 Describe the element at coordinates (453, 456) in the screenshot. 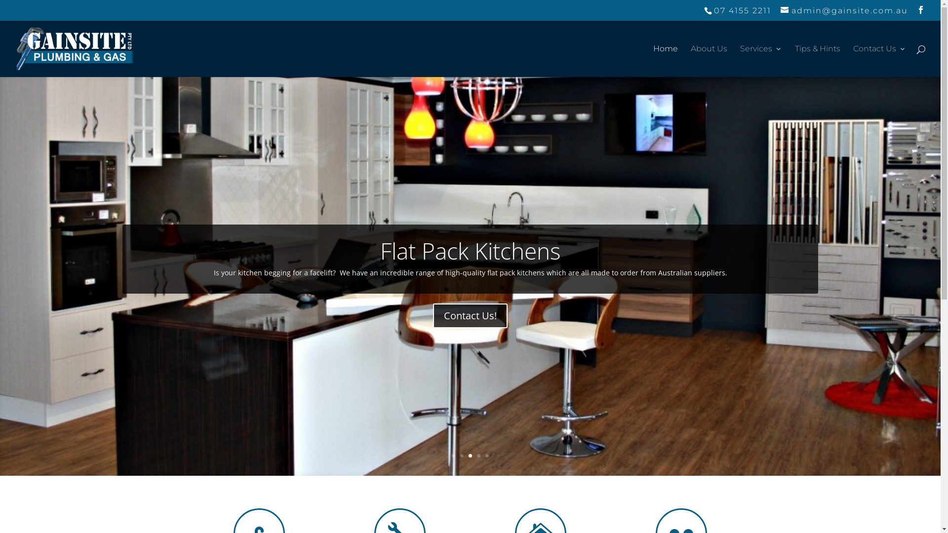

I see `'1'` at that location.